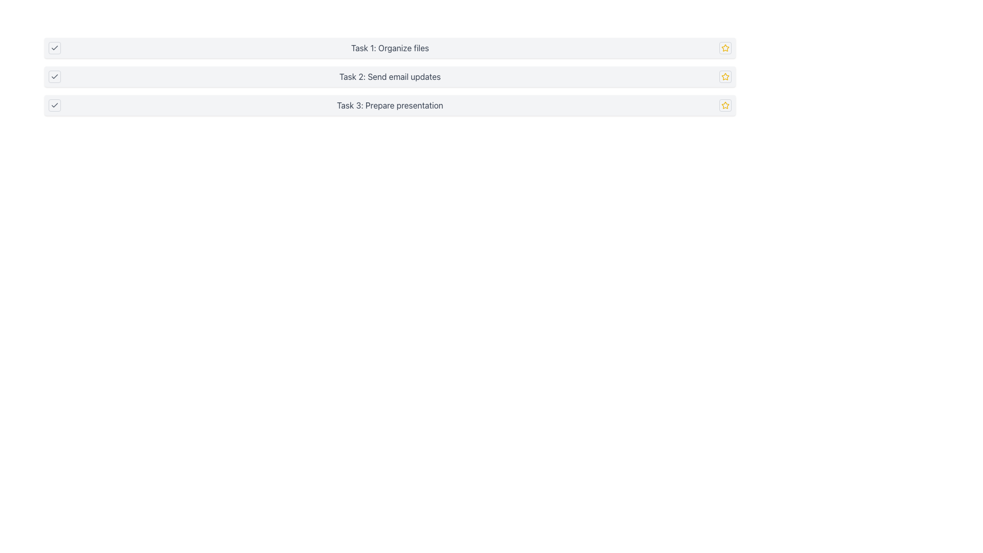 Image resolution: width=983 pixels, height=553 pixels. Describe the element at coordinates (54, 48) in the screenshot. I see `the checkbox located on the leftmost side of the task item labeled 'Task 1: Organize files'` at that location.